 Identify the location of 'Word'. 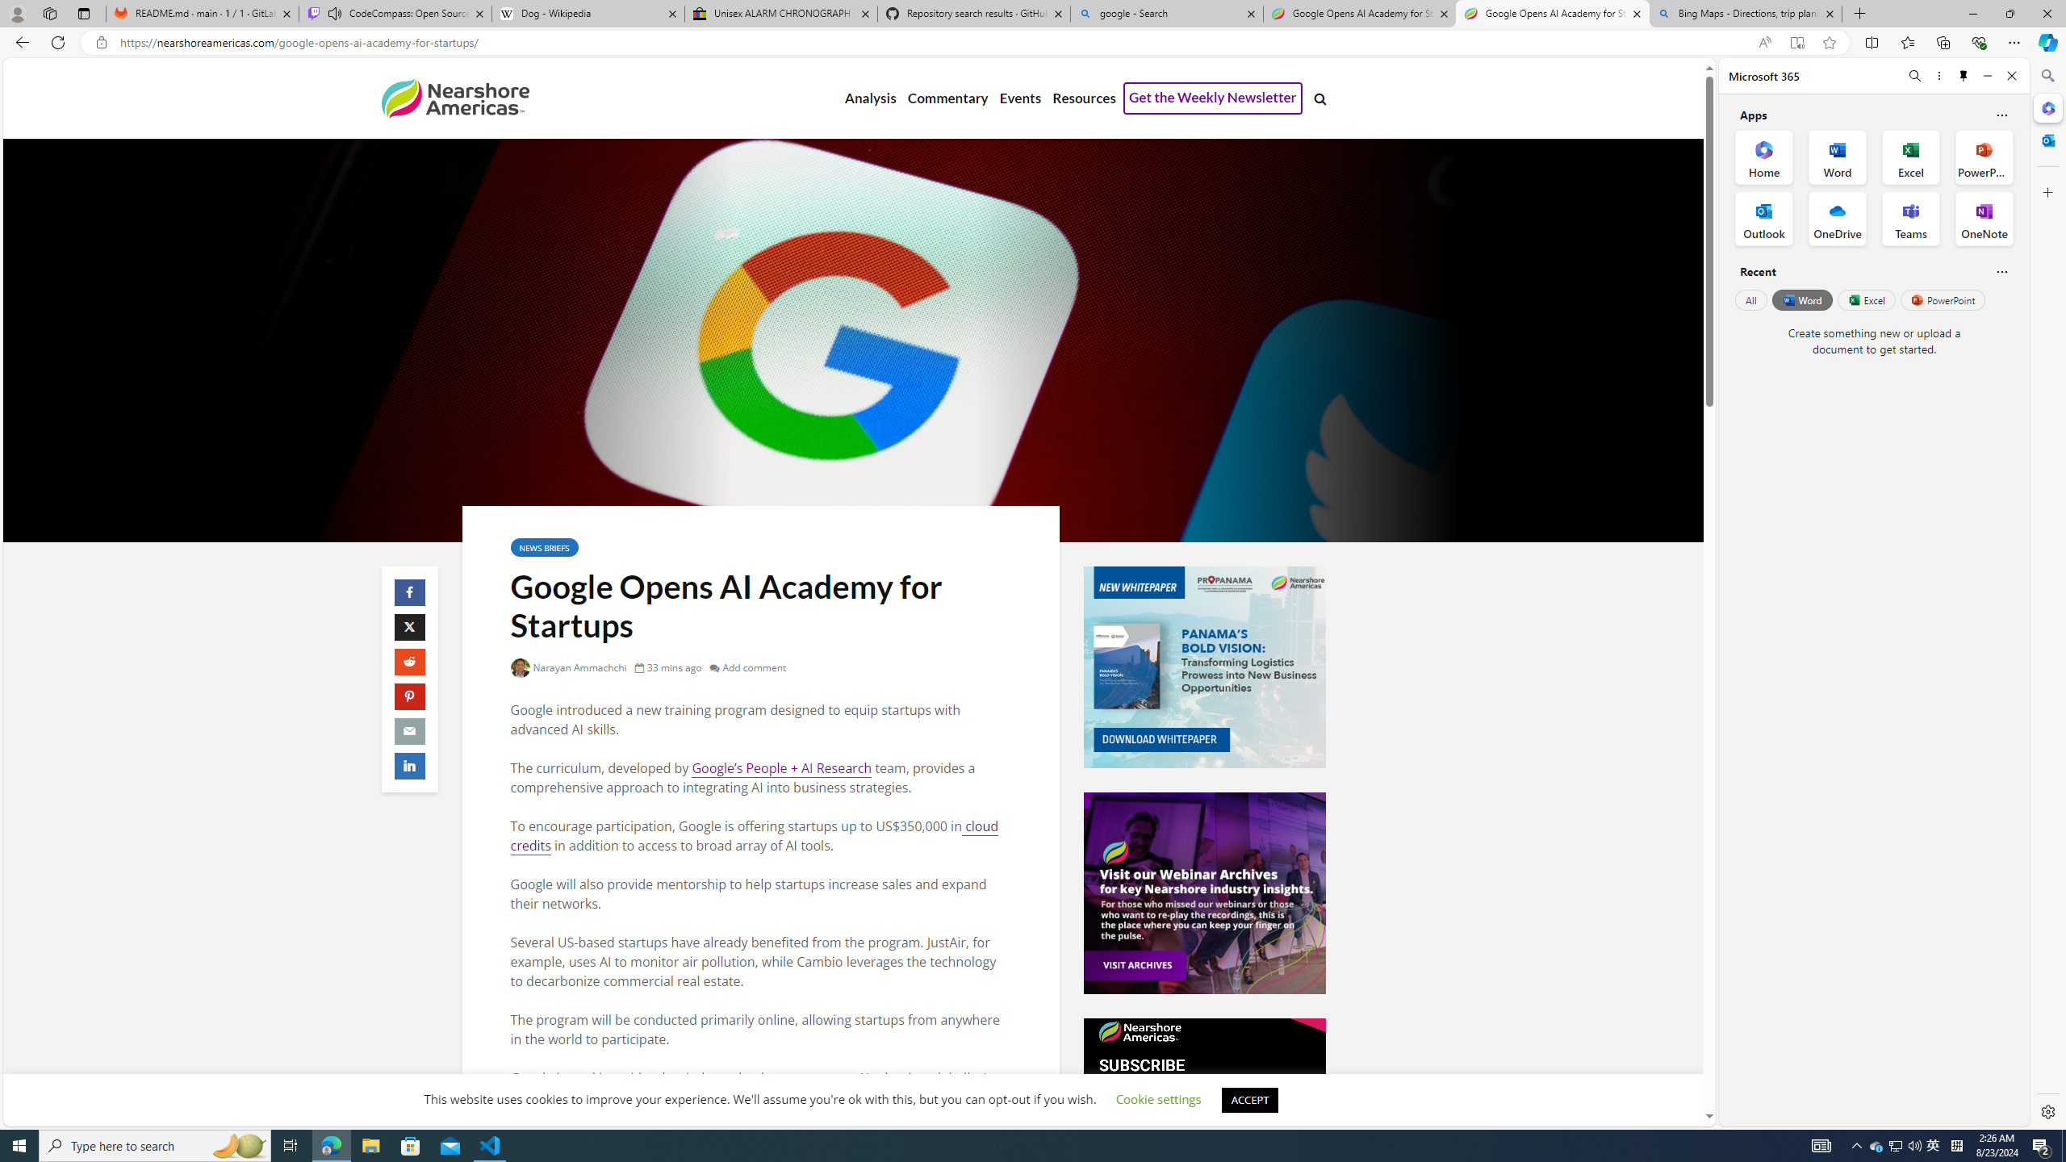
(1800, 299).